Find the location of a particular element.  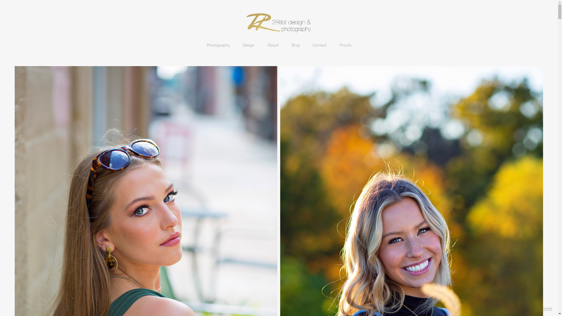

'Photography' is located at coordinates (218, 45).